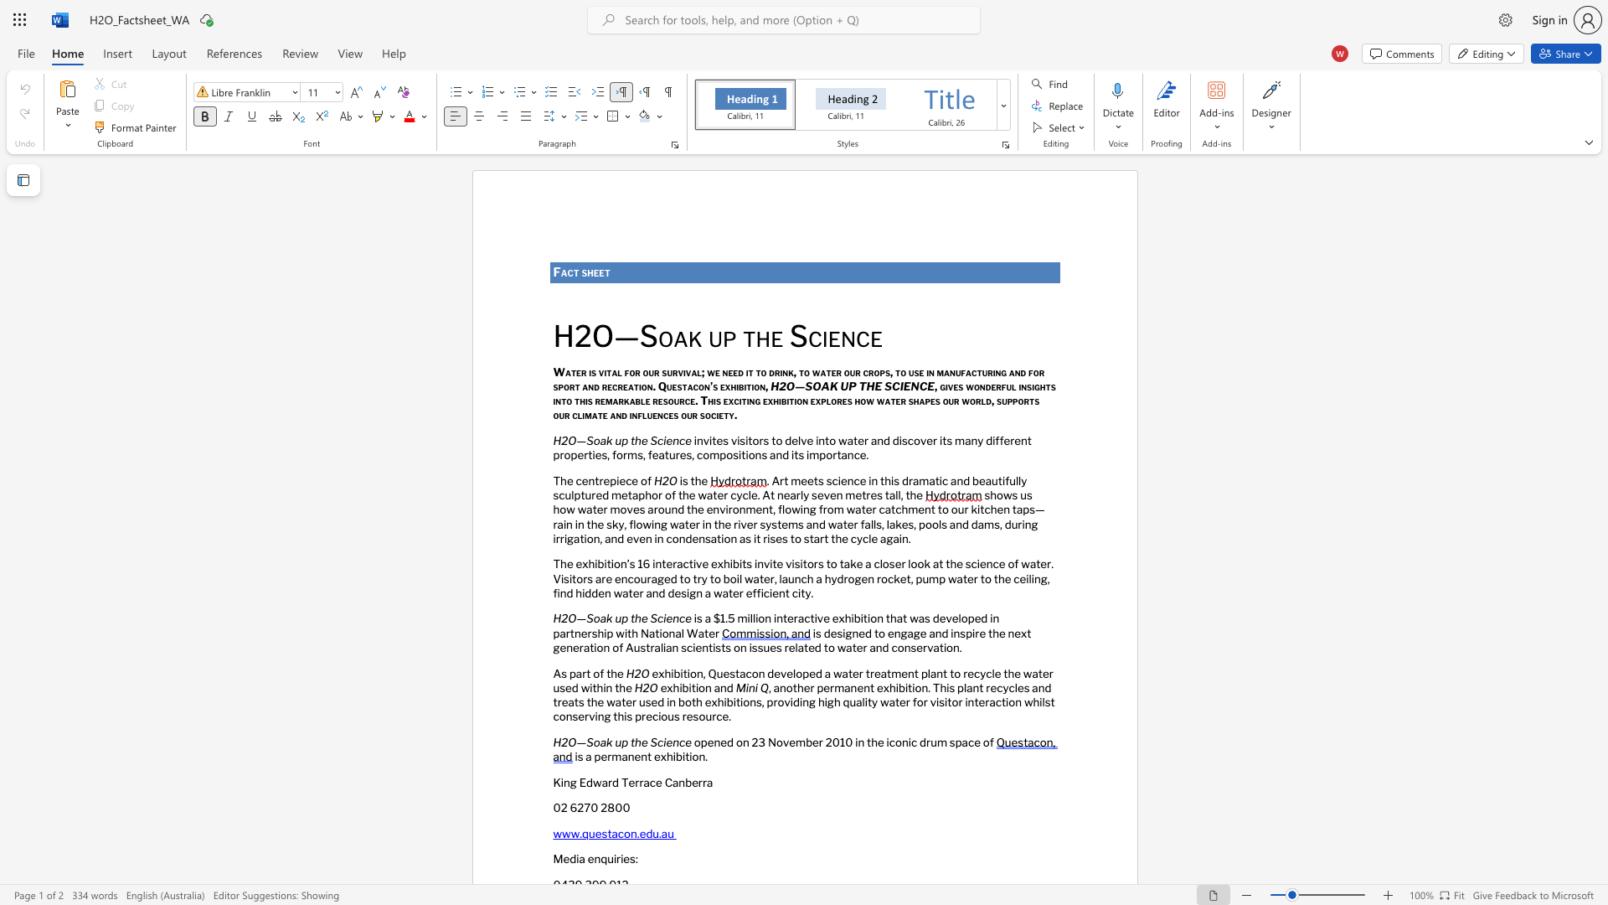 This screenshot has height=905, width=1608. I want to click on the subset text "conic dr" within the text "opened on 23 November 2010 in the iconic drum space of", so click(888, 741).